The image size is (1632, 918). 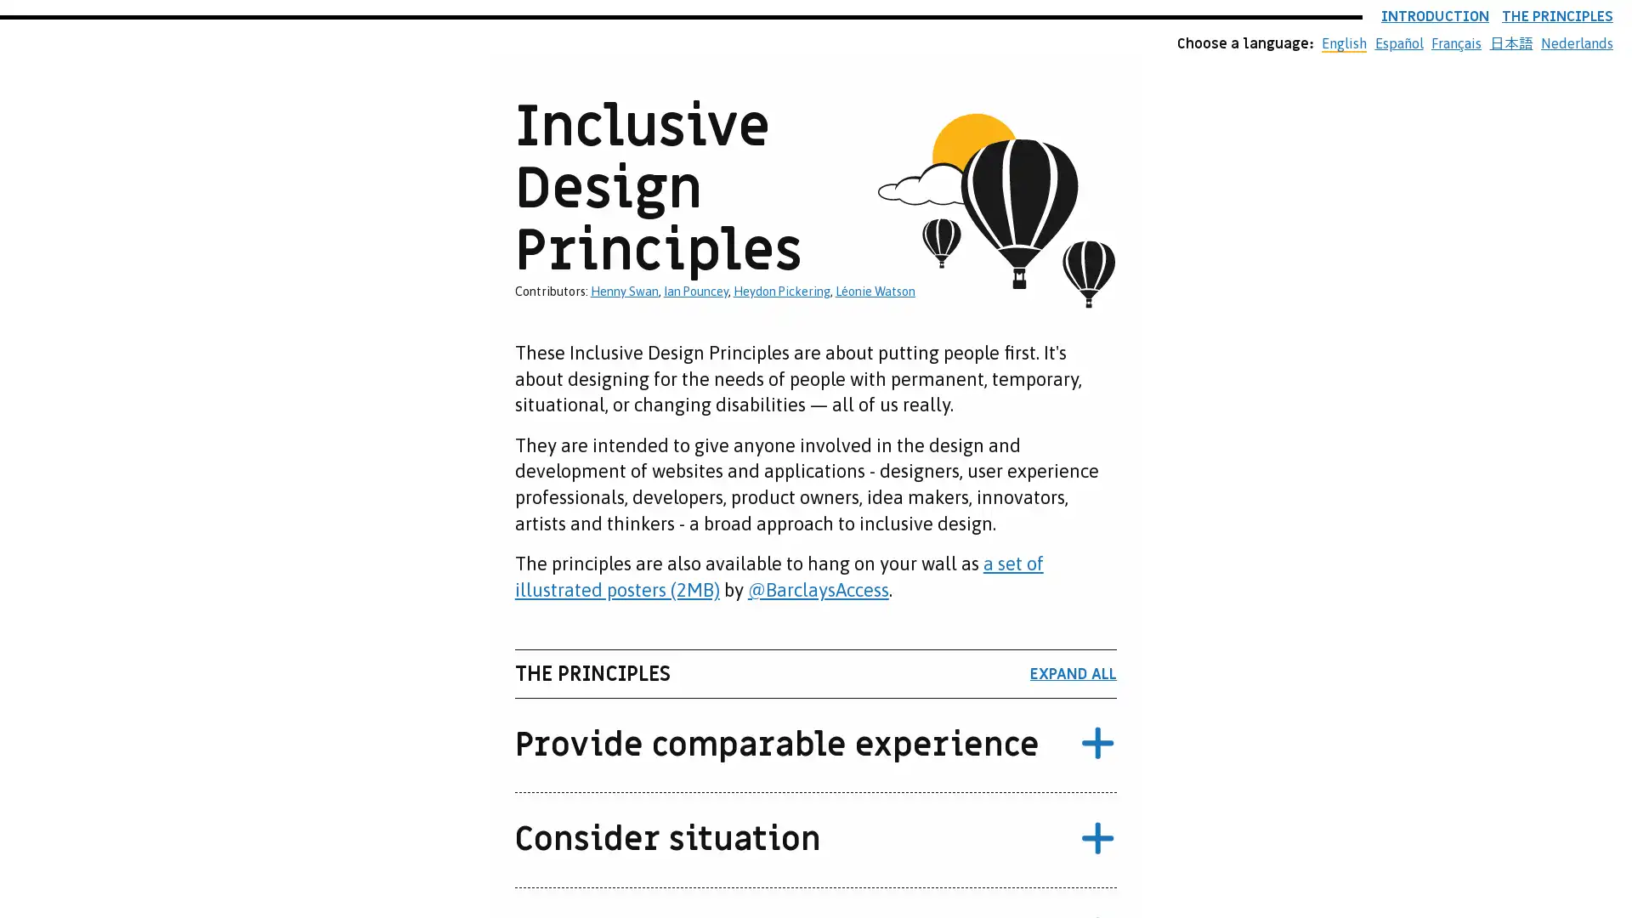 What do you see at coordinates (1072, 674) in the screenshot?
I see `EXPAND ALL` at bounding box center [1072, 674].